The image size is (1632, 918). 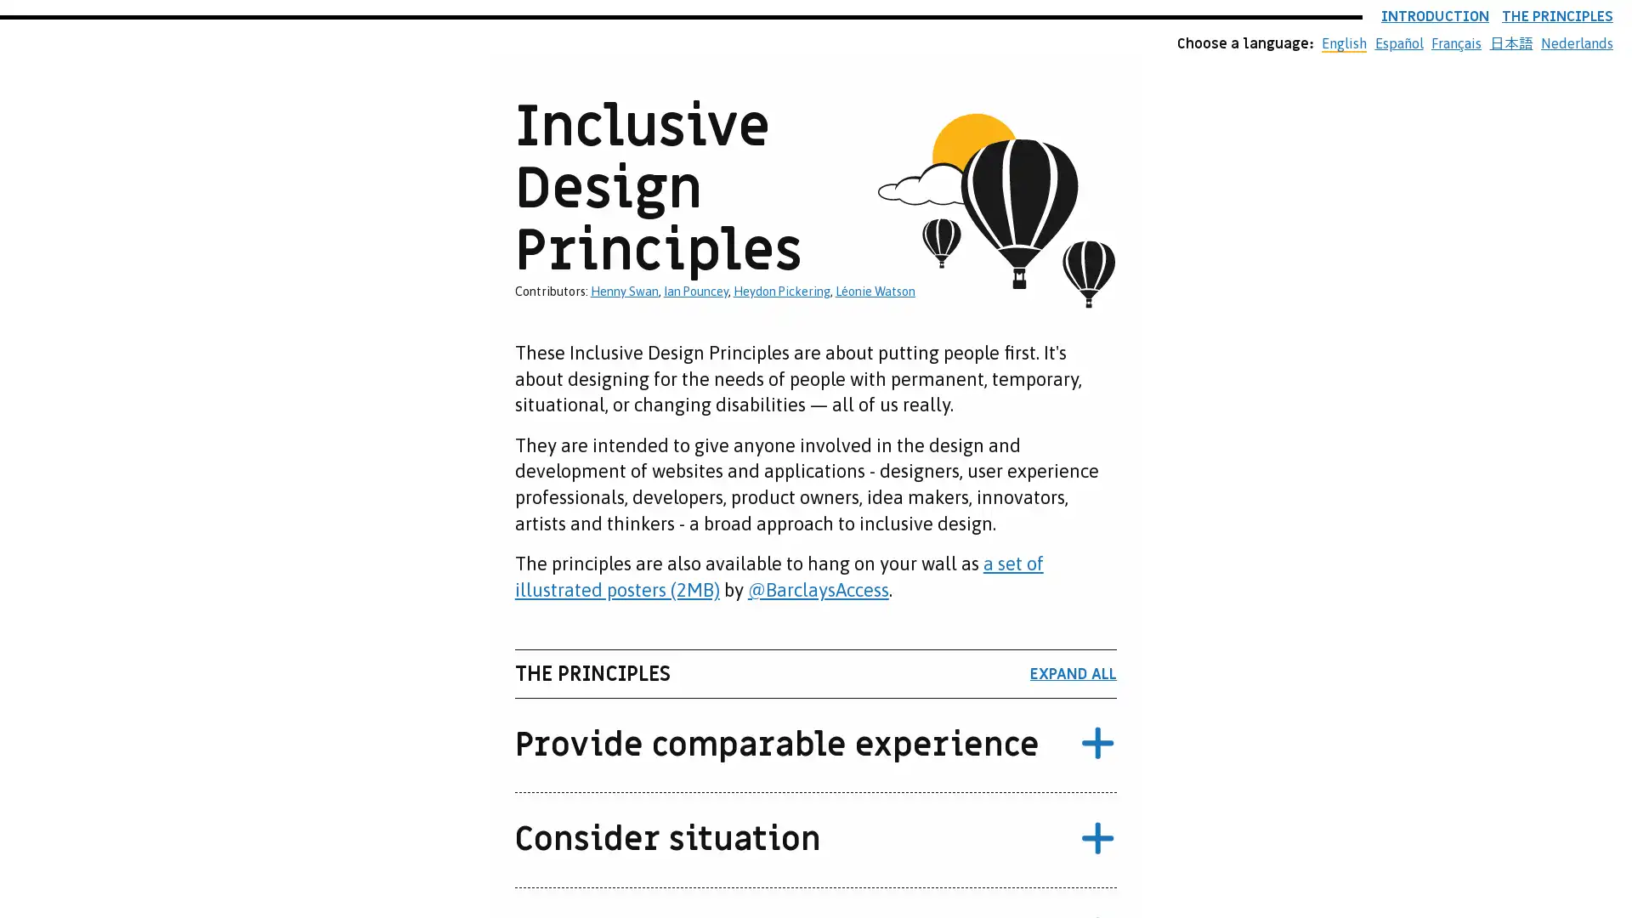 What do you see at coordinates (1072, 674) in the screenshot?
I see `EXPAND ALL` at bounding box center [1072, 674].